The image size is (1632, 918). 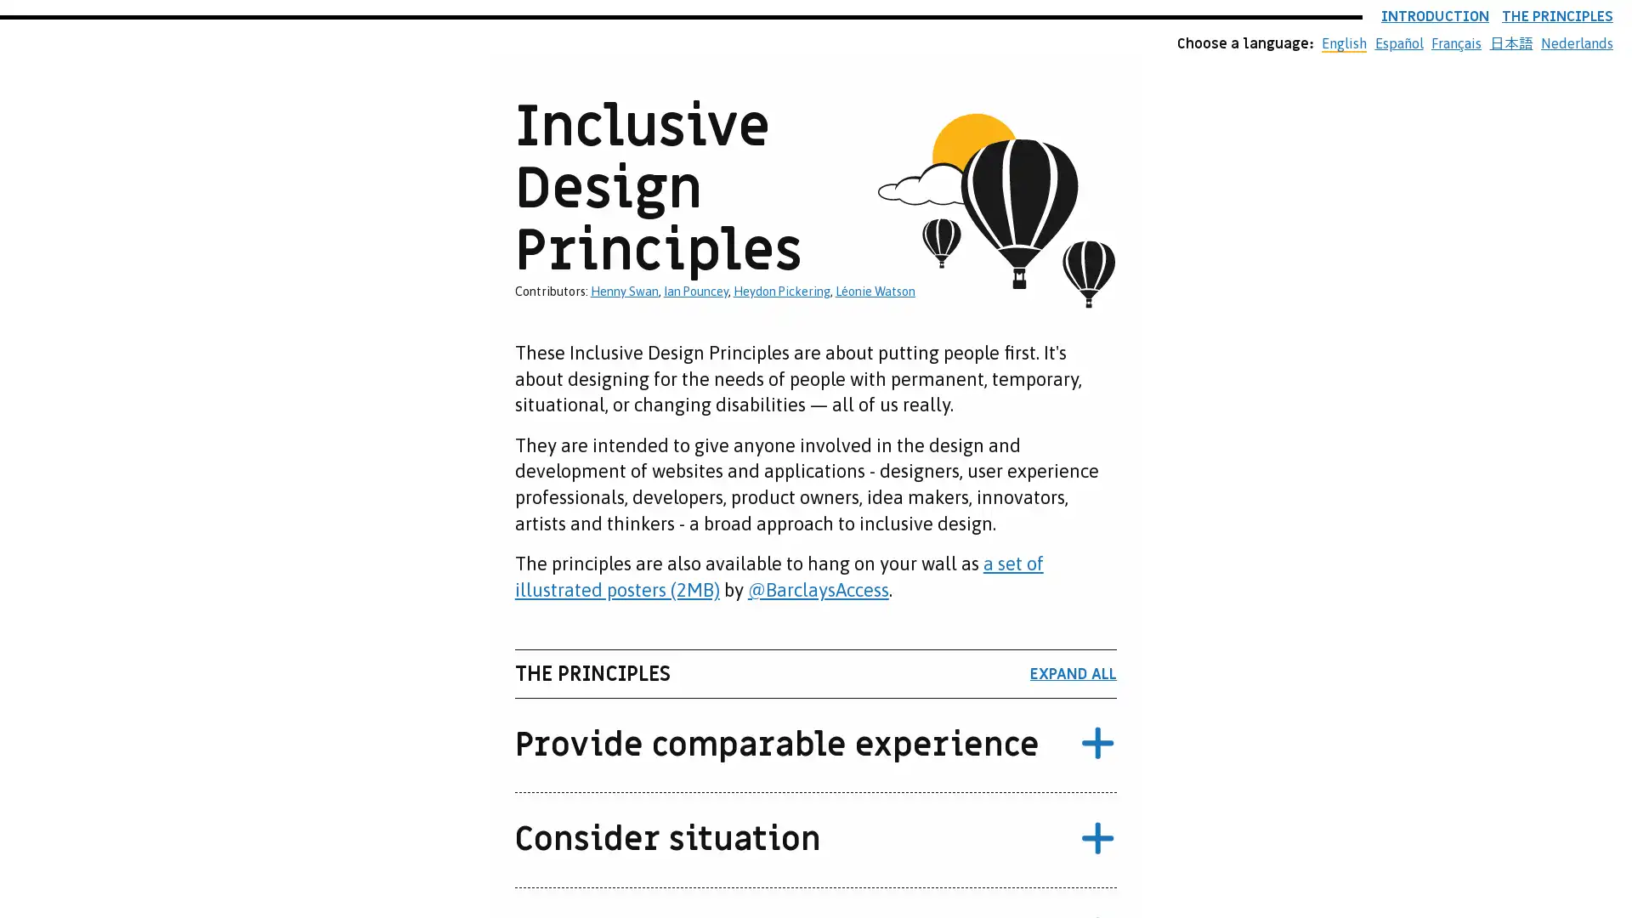 What do you see at coordinates (1072, 674) in the screenshot?
I see `EXPAND ALL` at bounding box center [1072, 674].